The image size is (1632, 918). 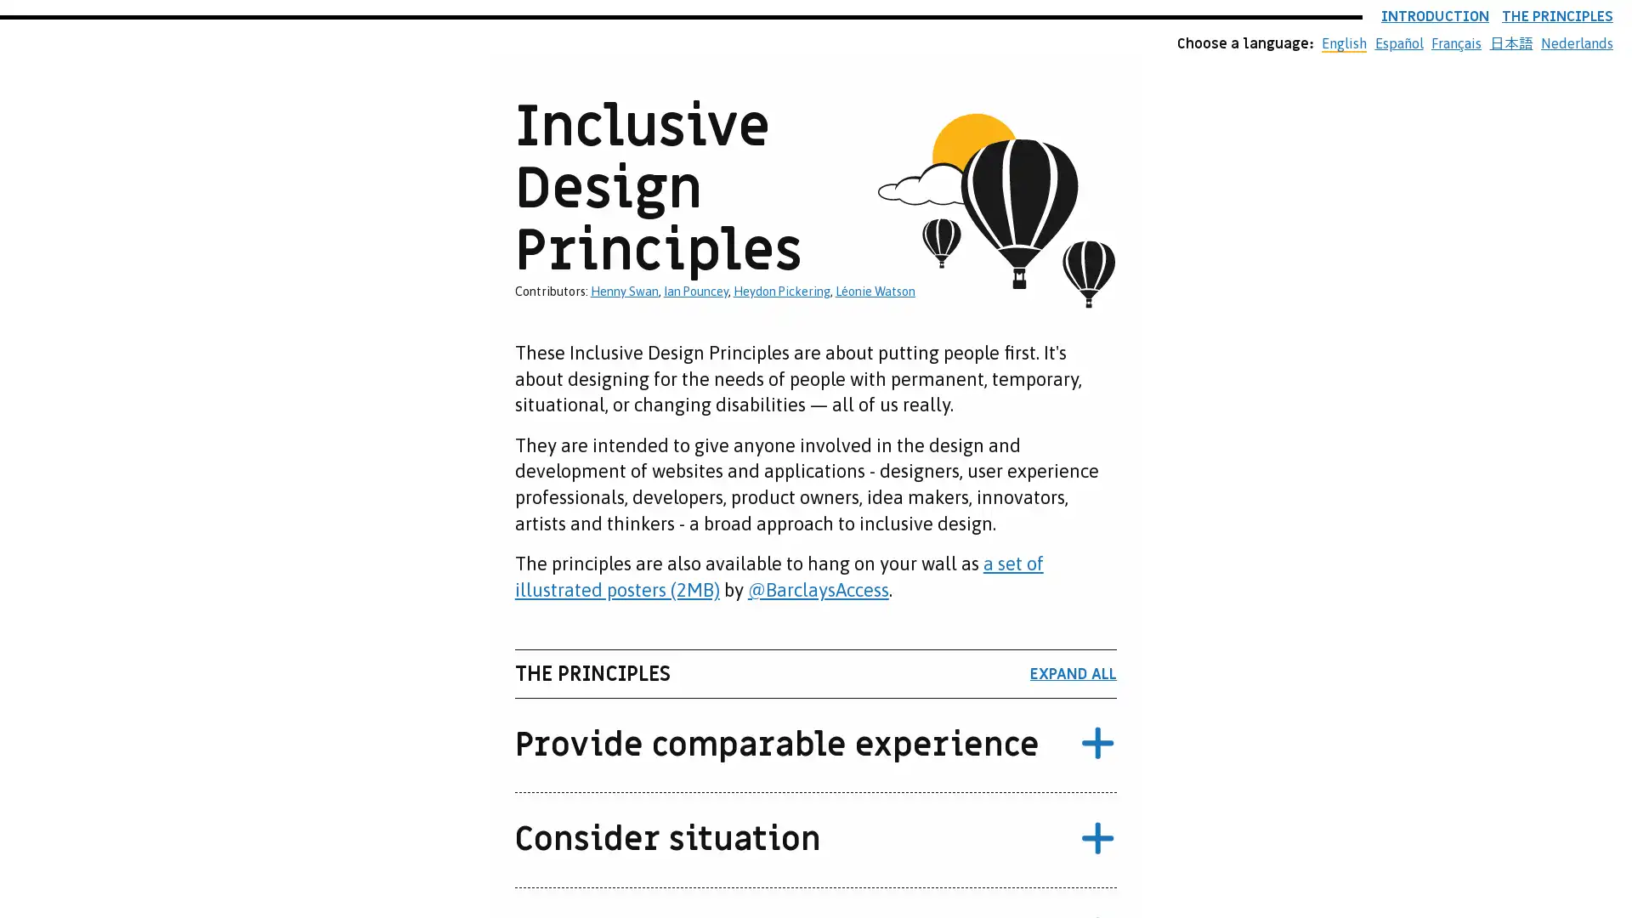 What do you see at coordinates (1072, 674) in the screenshot?
I see `EXPAND ALL` at bounding box center [1072, 674].